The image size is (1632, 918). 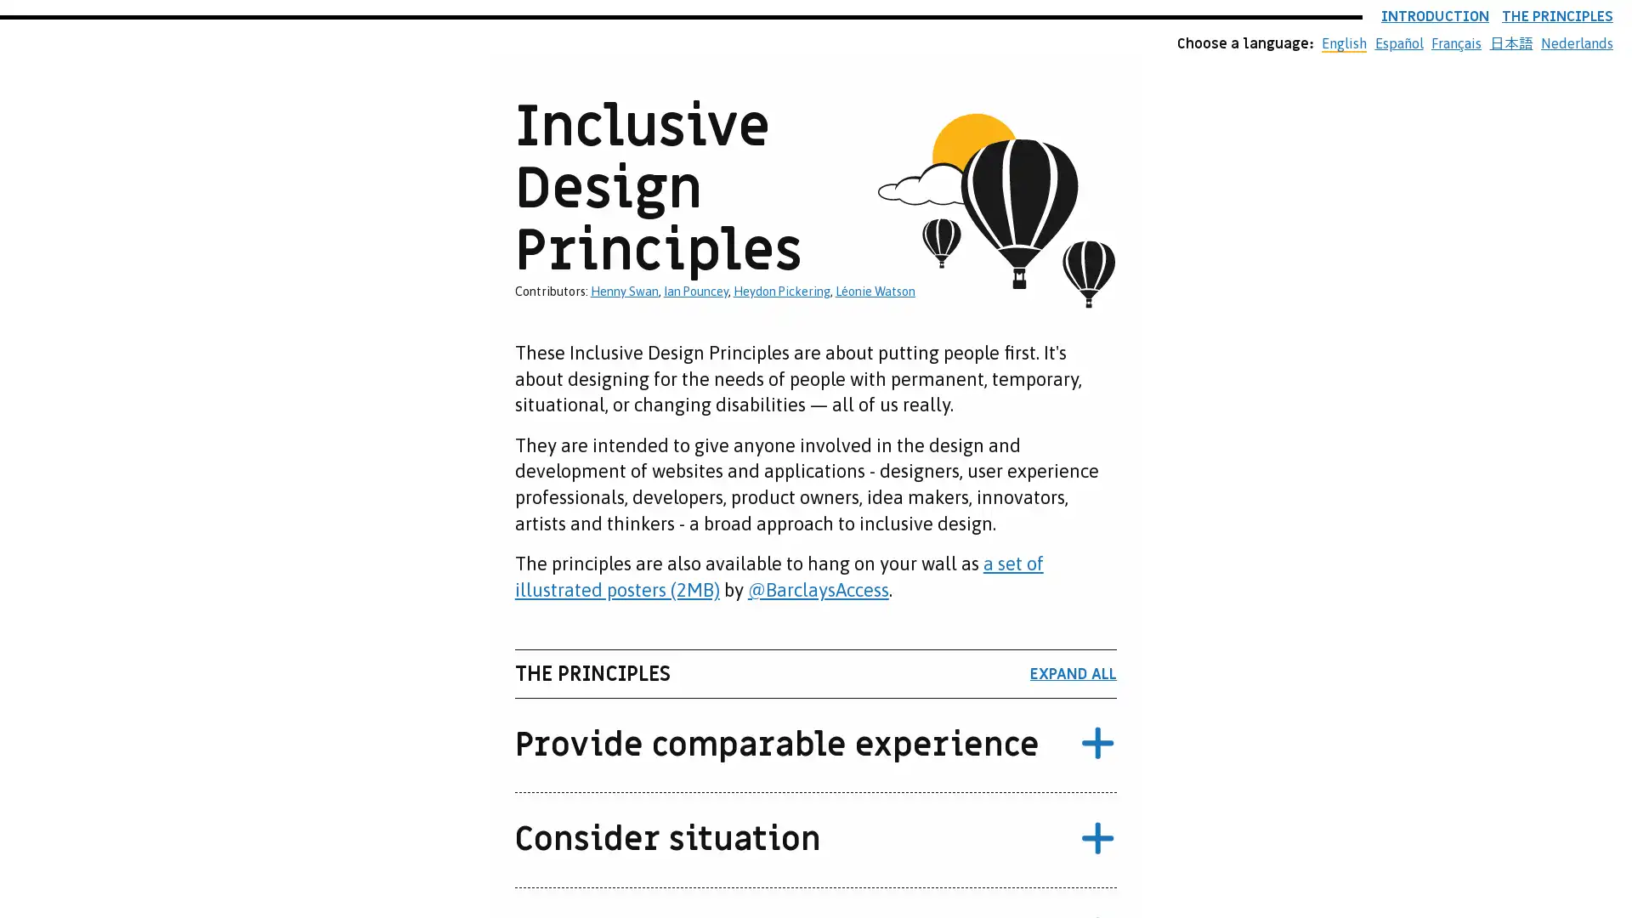 What do you see at coordinates (1072, 674) in the screenshot?
I see `EXPAND ALL` at bounding box center [1072, 674].